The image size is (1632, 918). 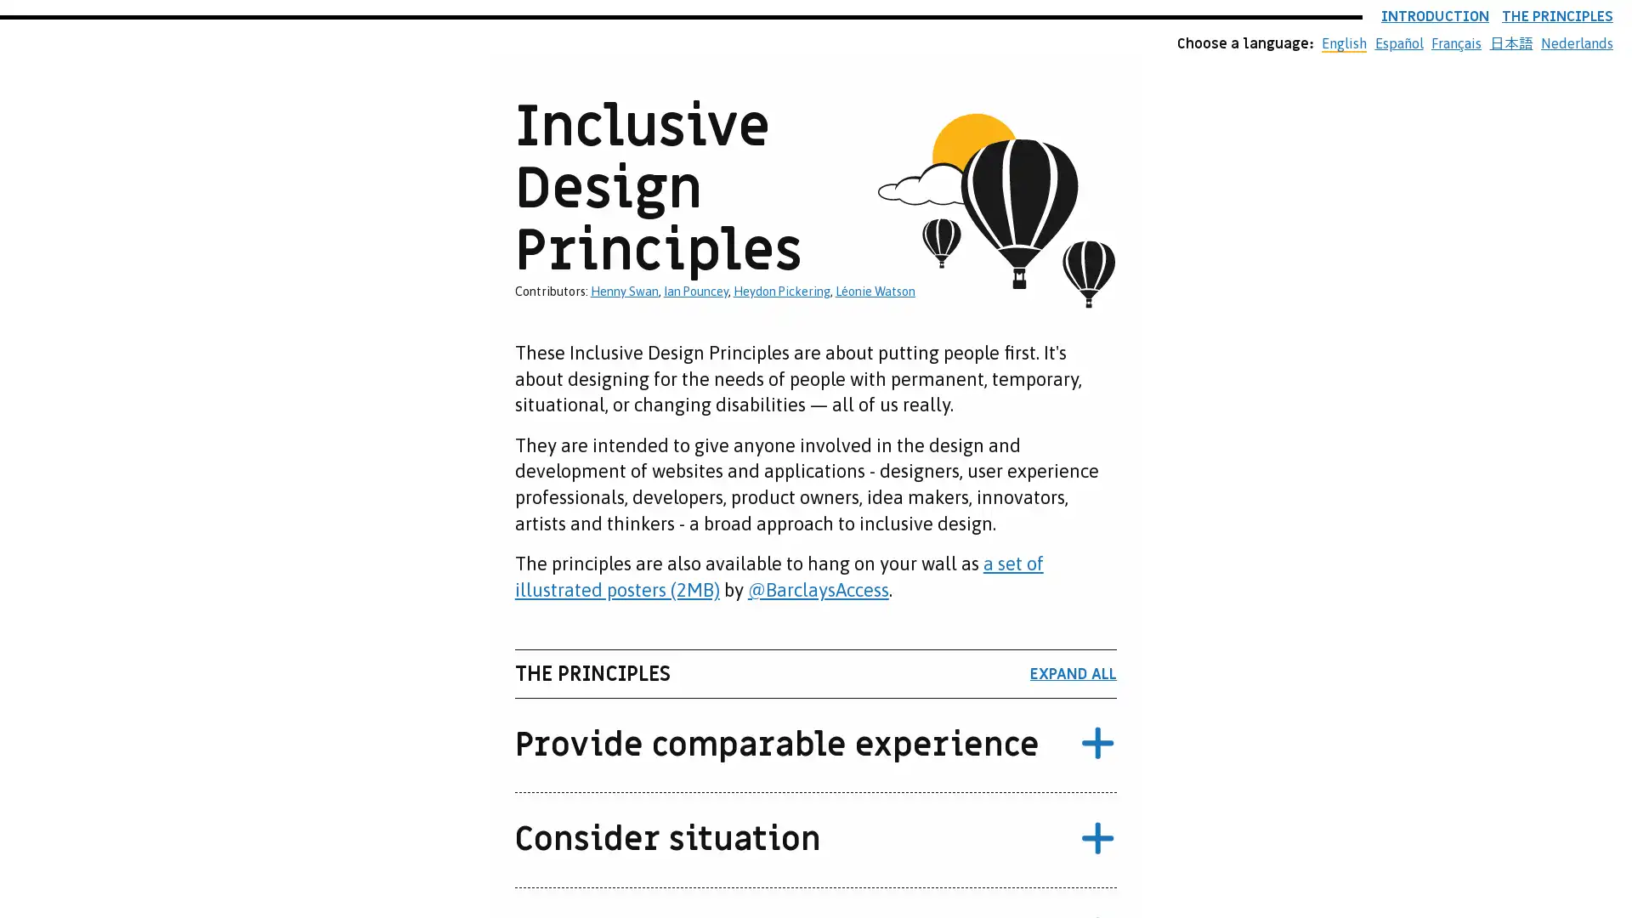 What do you see at coordinates (1072, 674) in the screenshot?
I see `EXPAND ALL` at bounding box center [1072, 674].